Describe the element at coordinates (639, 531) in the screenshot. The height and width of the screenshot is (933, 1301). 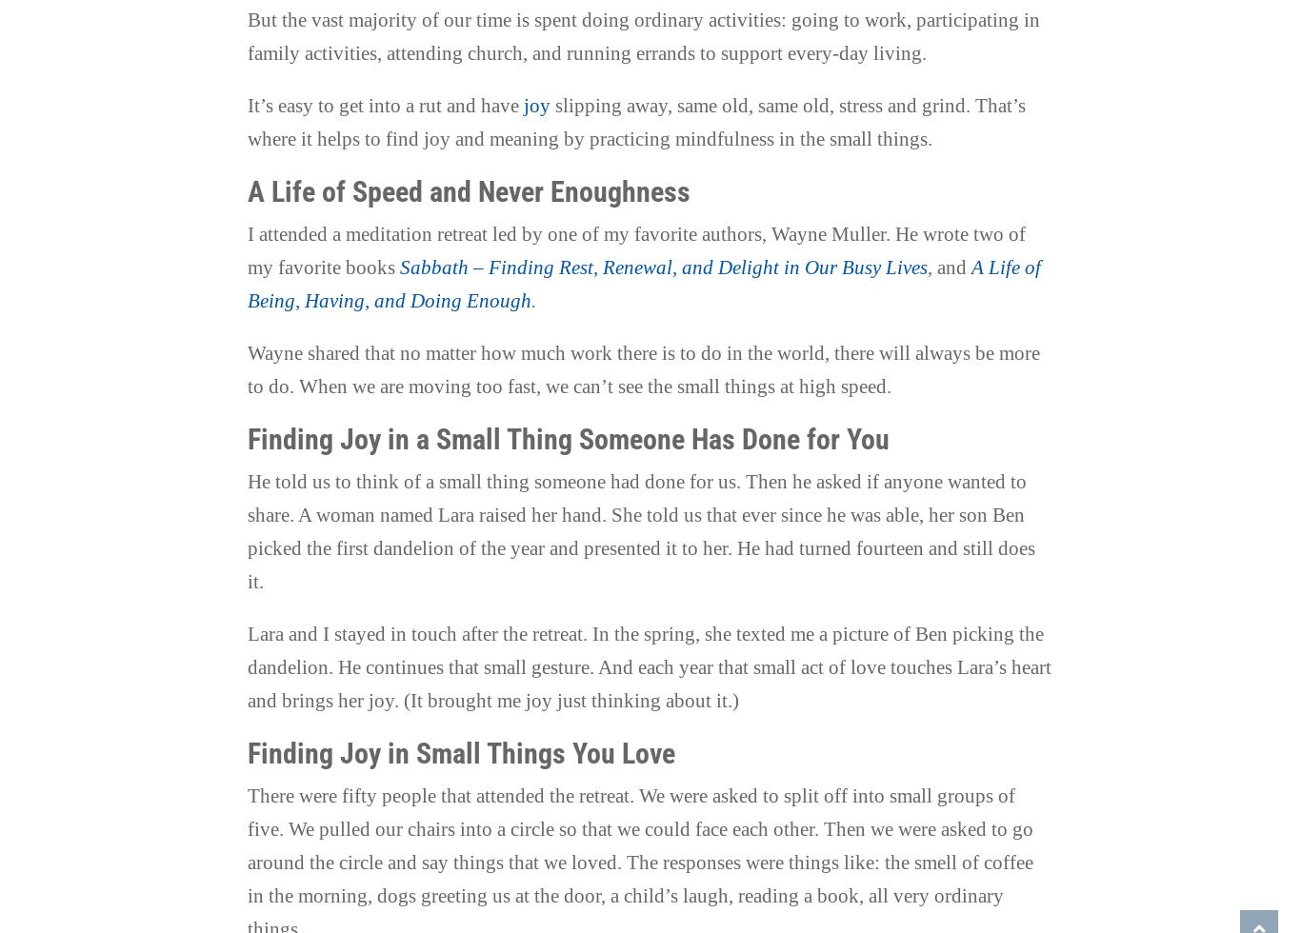
I see `'He told us to think of a small thing someone had done for us. Then he asked if anyone wanted to share. A woman named Lara raised her hand. She told us that ever since he was able, her son Ben picked the first dandelion of the year and presented it to her. He had turned fourteen and still does it.'` at that location.